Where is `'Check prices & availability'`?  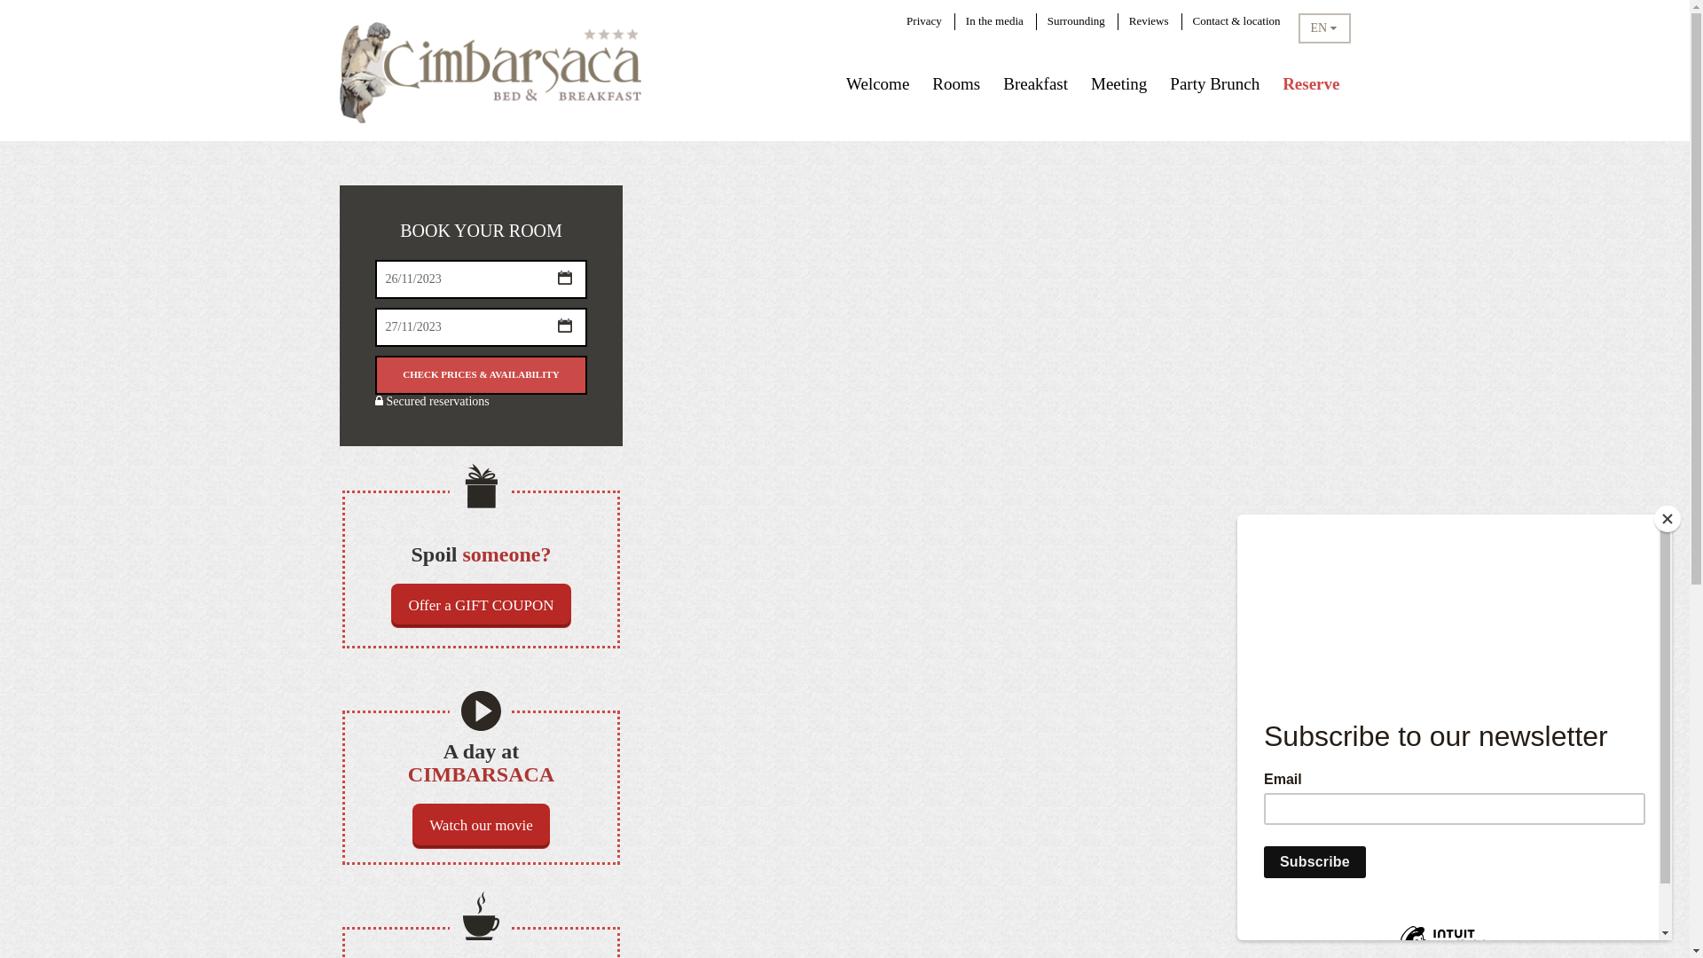
'Check prices & availability' is located at coordinates (481, 374).